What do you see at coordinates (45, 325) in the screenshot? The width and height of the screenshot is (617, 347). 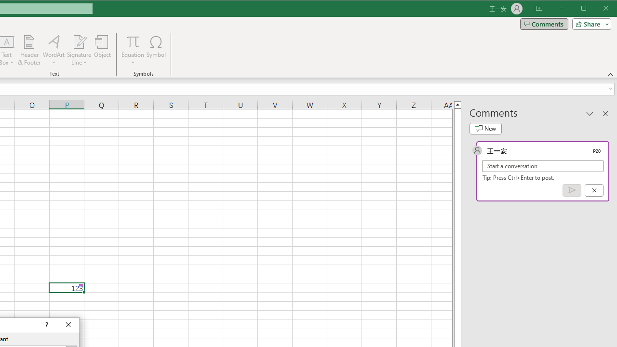 I see `'Context help'` at bounding box center [45, 325].